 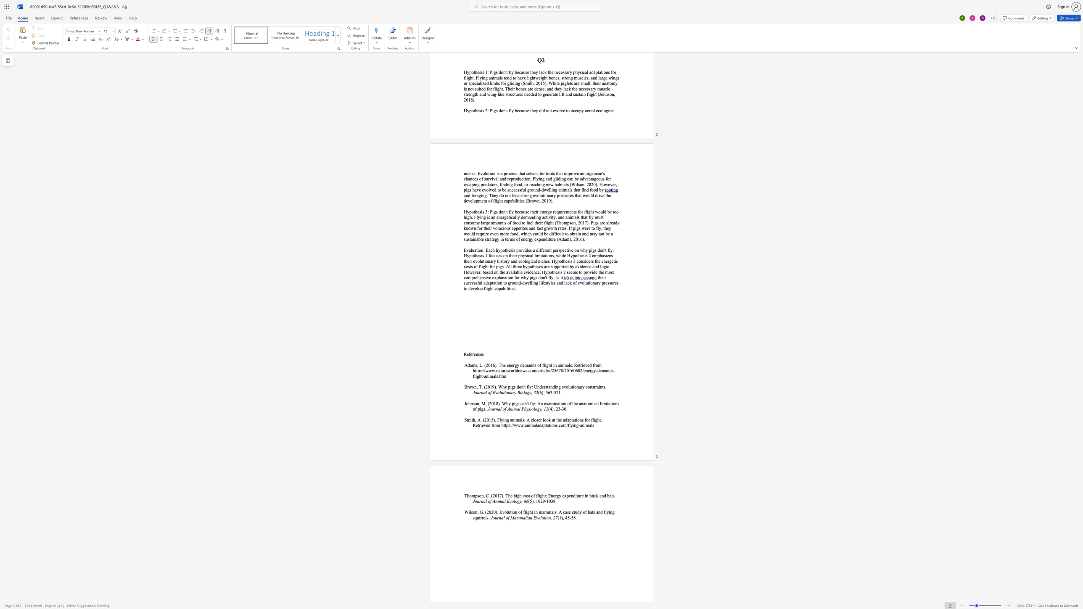 I want to click on the 1th character "F" in the text, so click(x=498, y=419).